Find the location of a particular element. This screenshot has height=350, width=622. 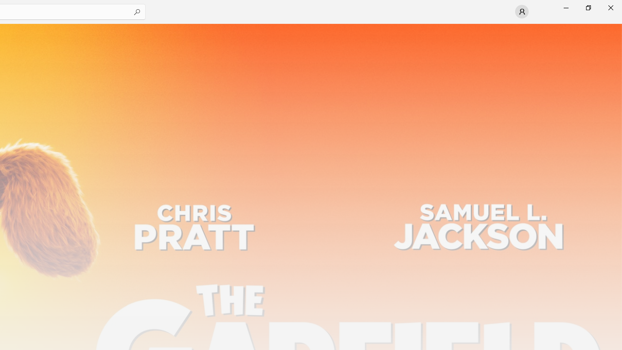

'Restore Microsoft Store' is located at coordinates (587, 7).